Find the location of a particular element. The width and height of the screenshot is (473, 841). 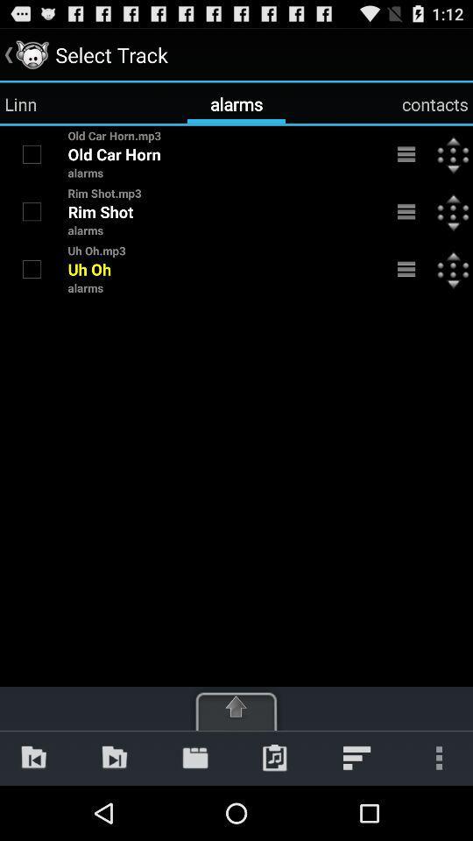

menu bar on the first text is located at coordinates (406, 153).